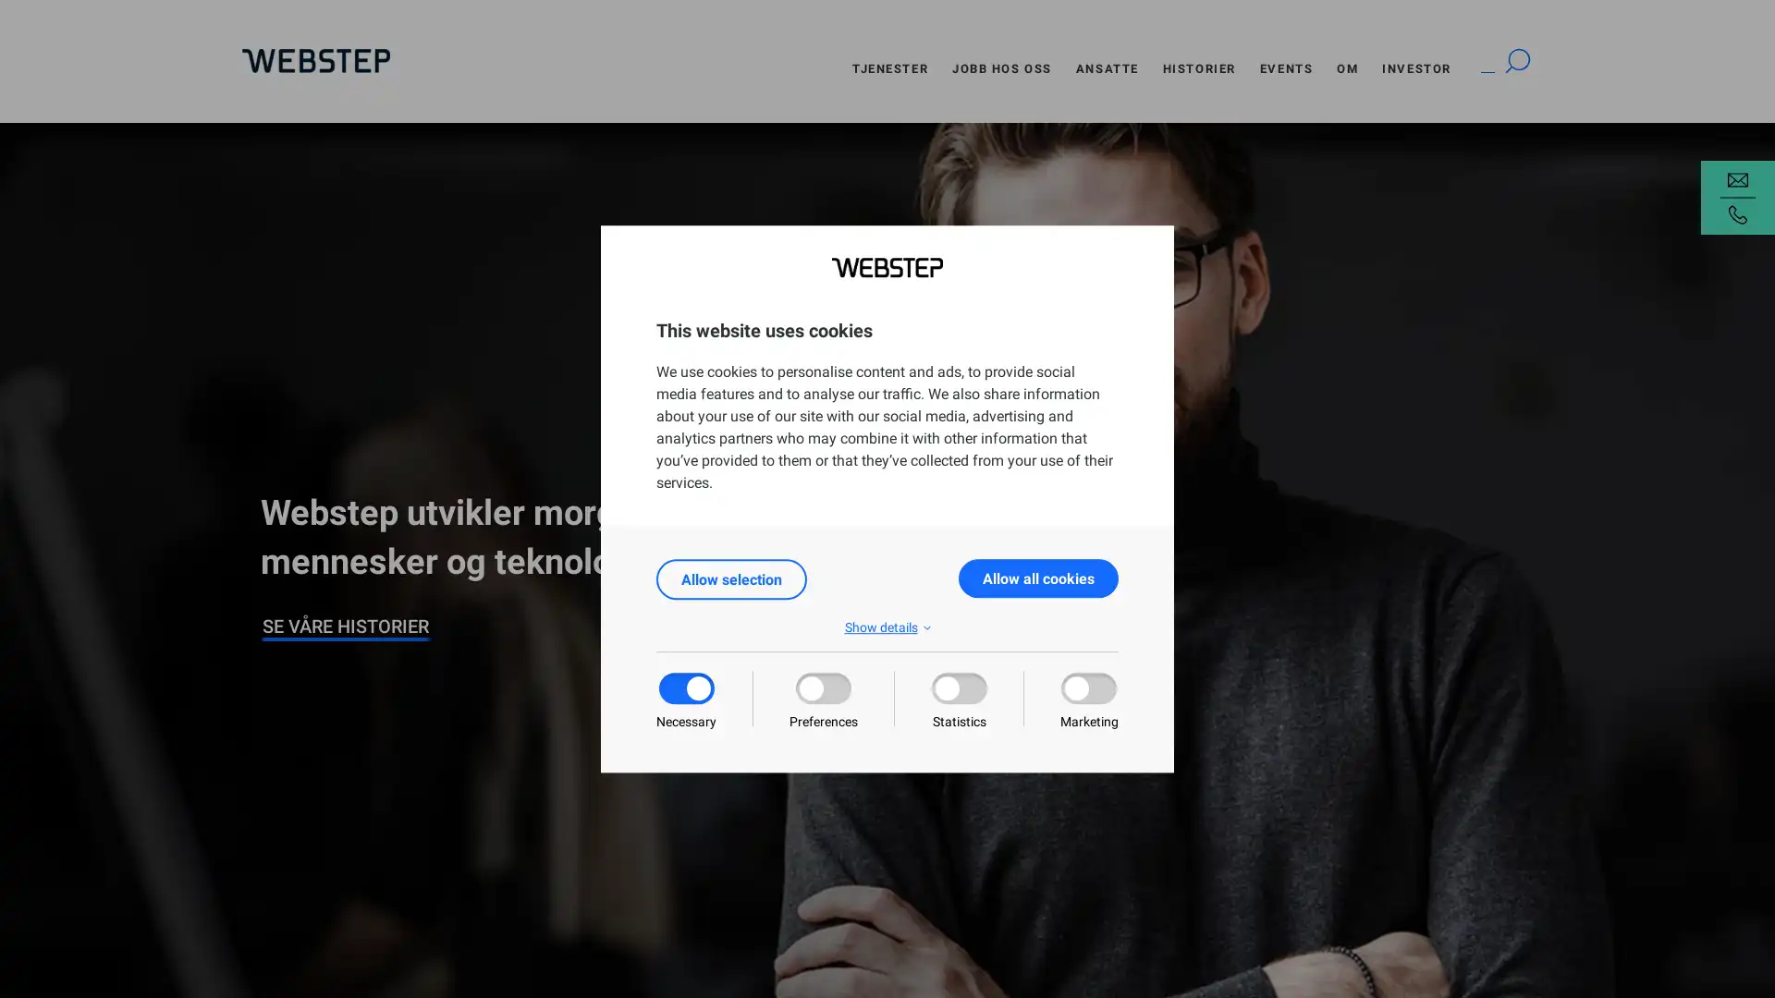  What do you see at coordinates (730, 578) in the screenshot?
I see `Allow selection` at bounding box center [730, 578].